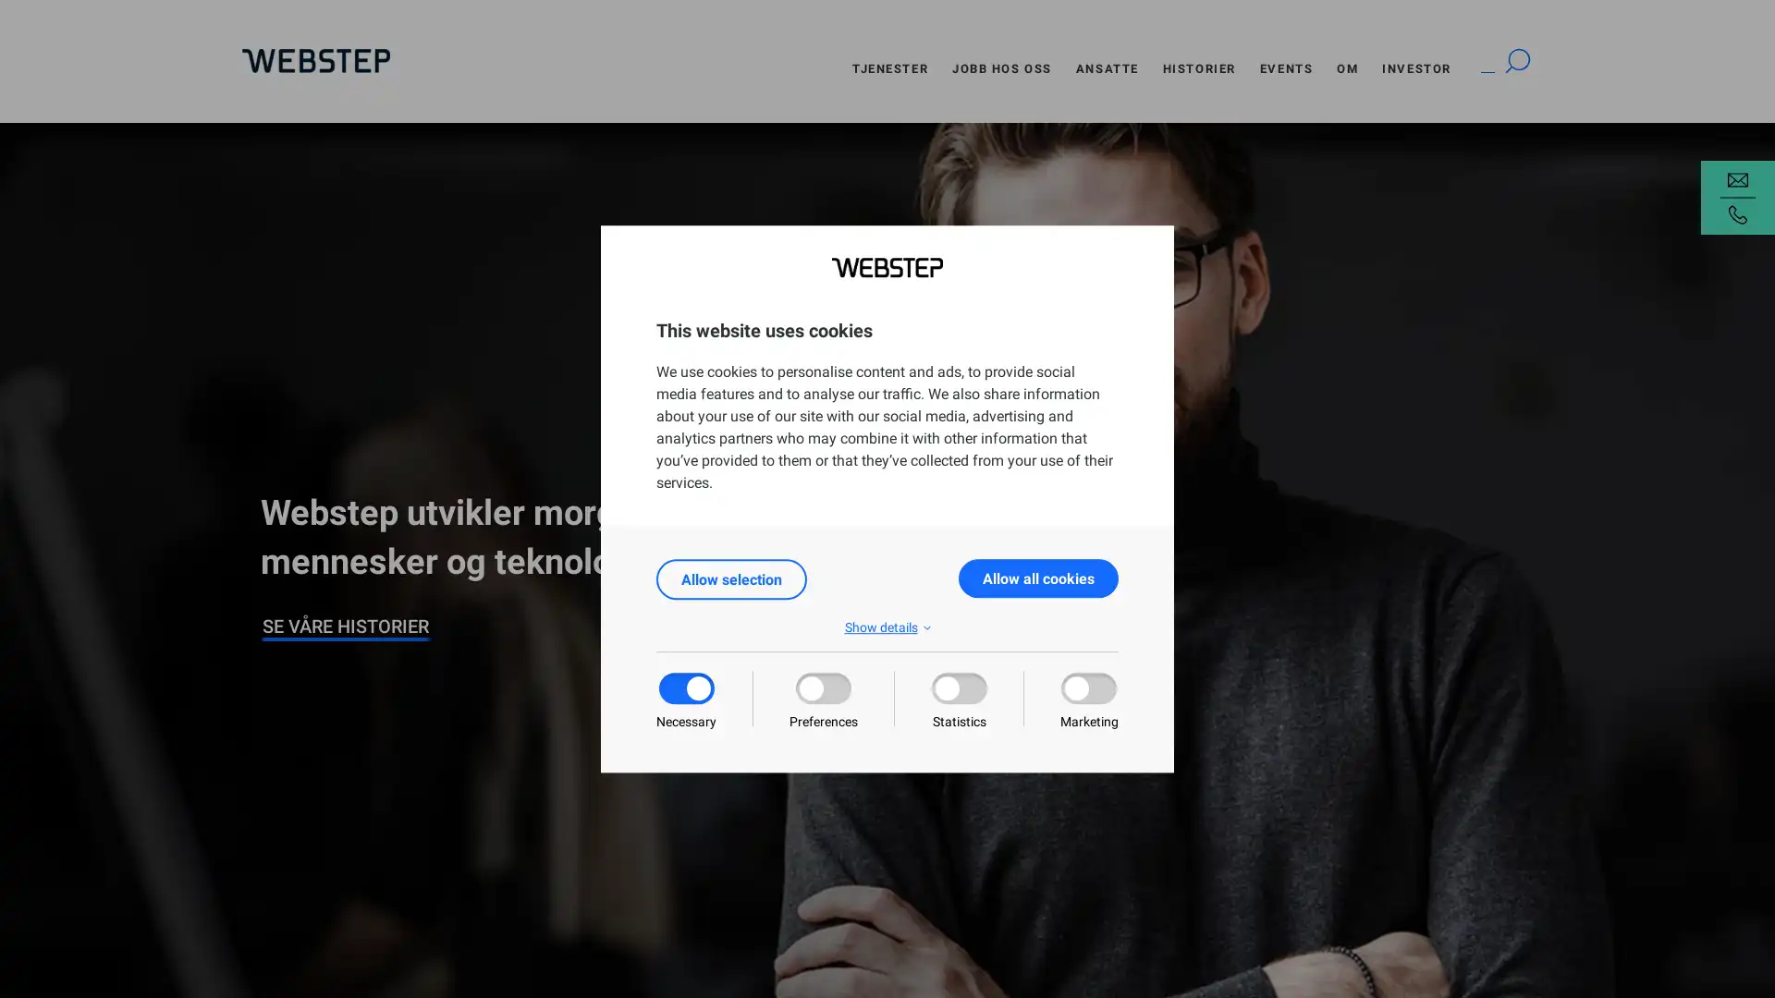  What do you see at coordinates (730, 578) in the screenshot?
I see `Allow selection` at bounding box center [730, 578].